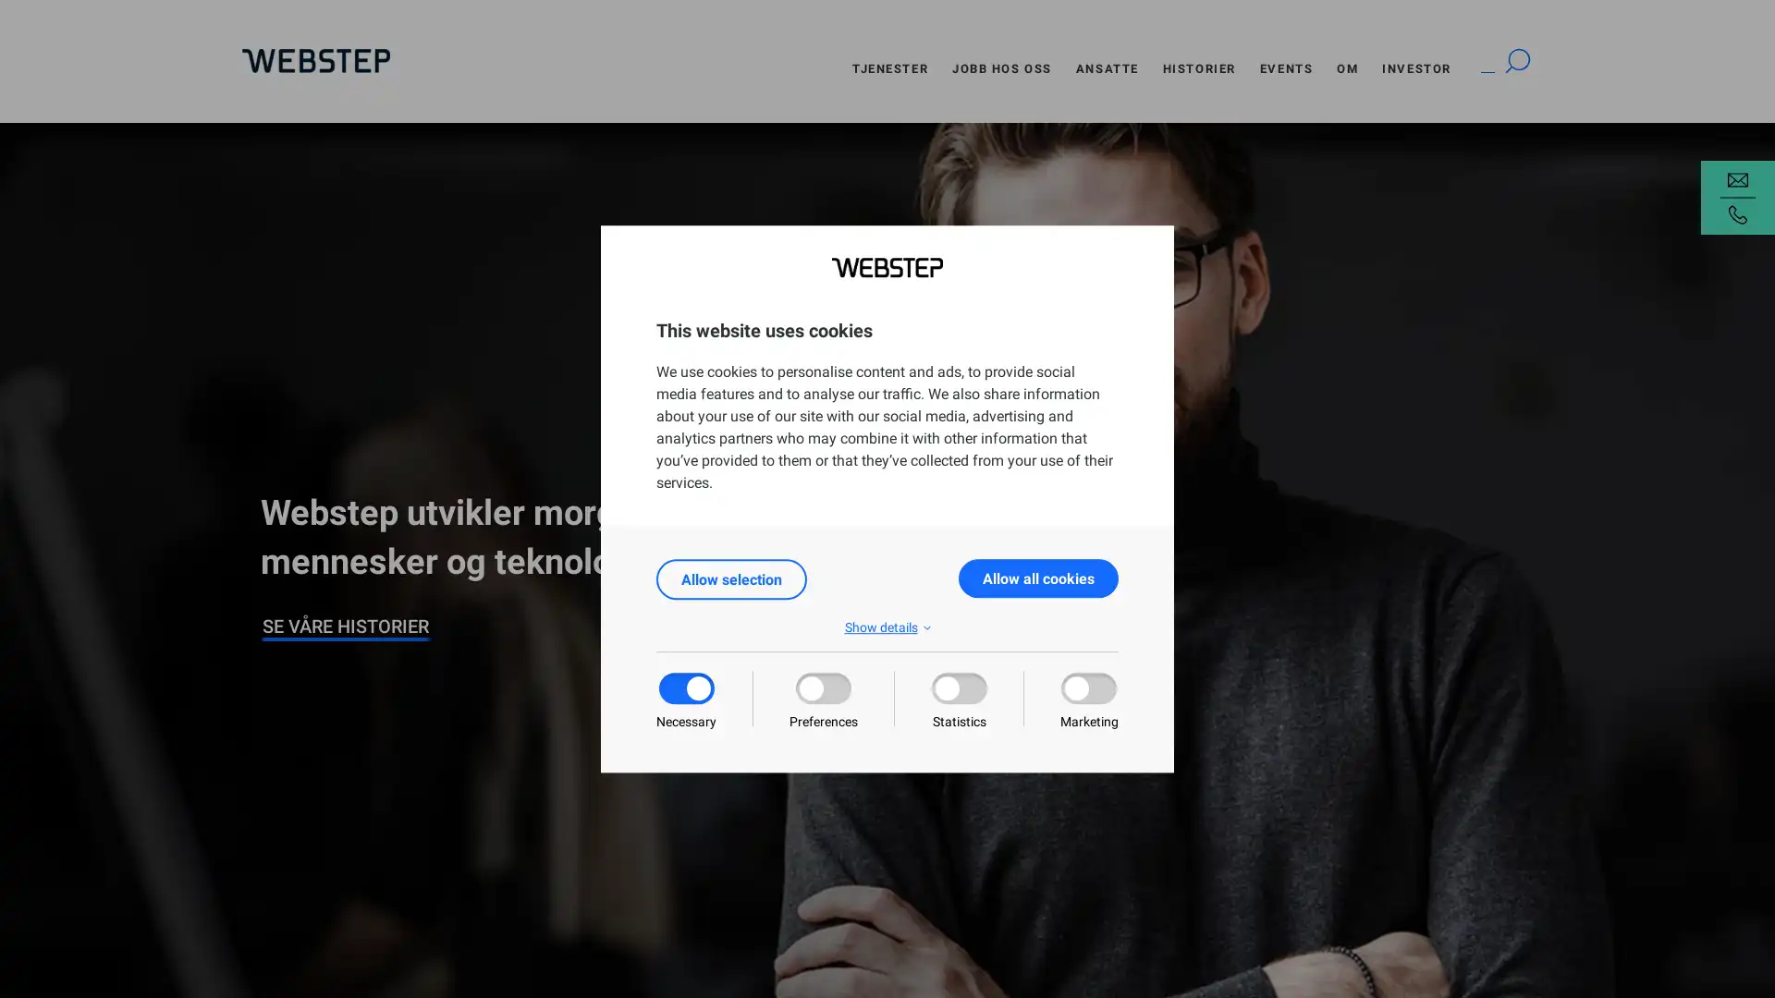  What do you see at coordinates (730, 578) in the screenshot?
I see `Allow selection` at bounding box center [730, 578].